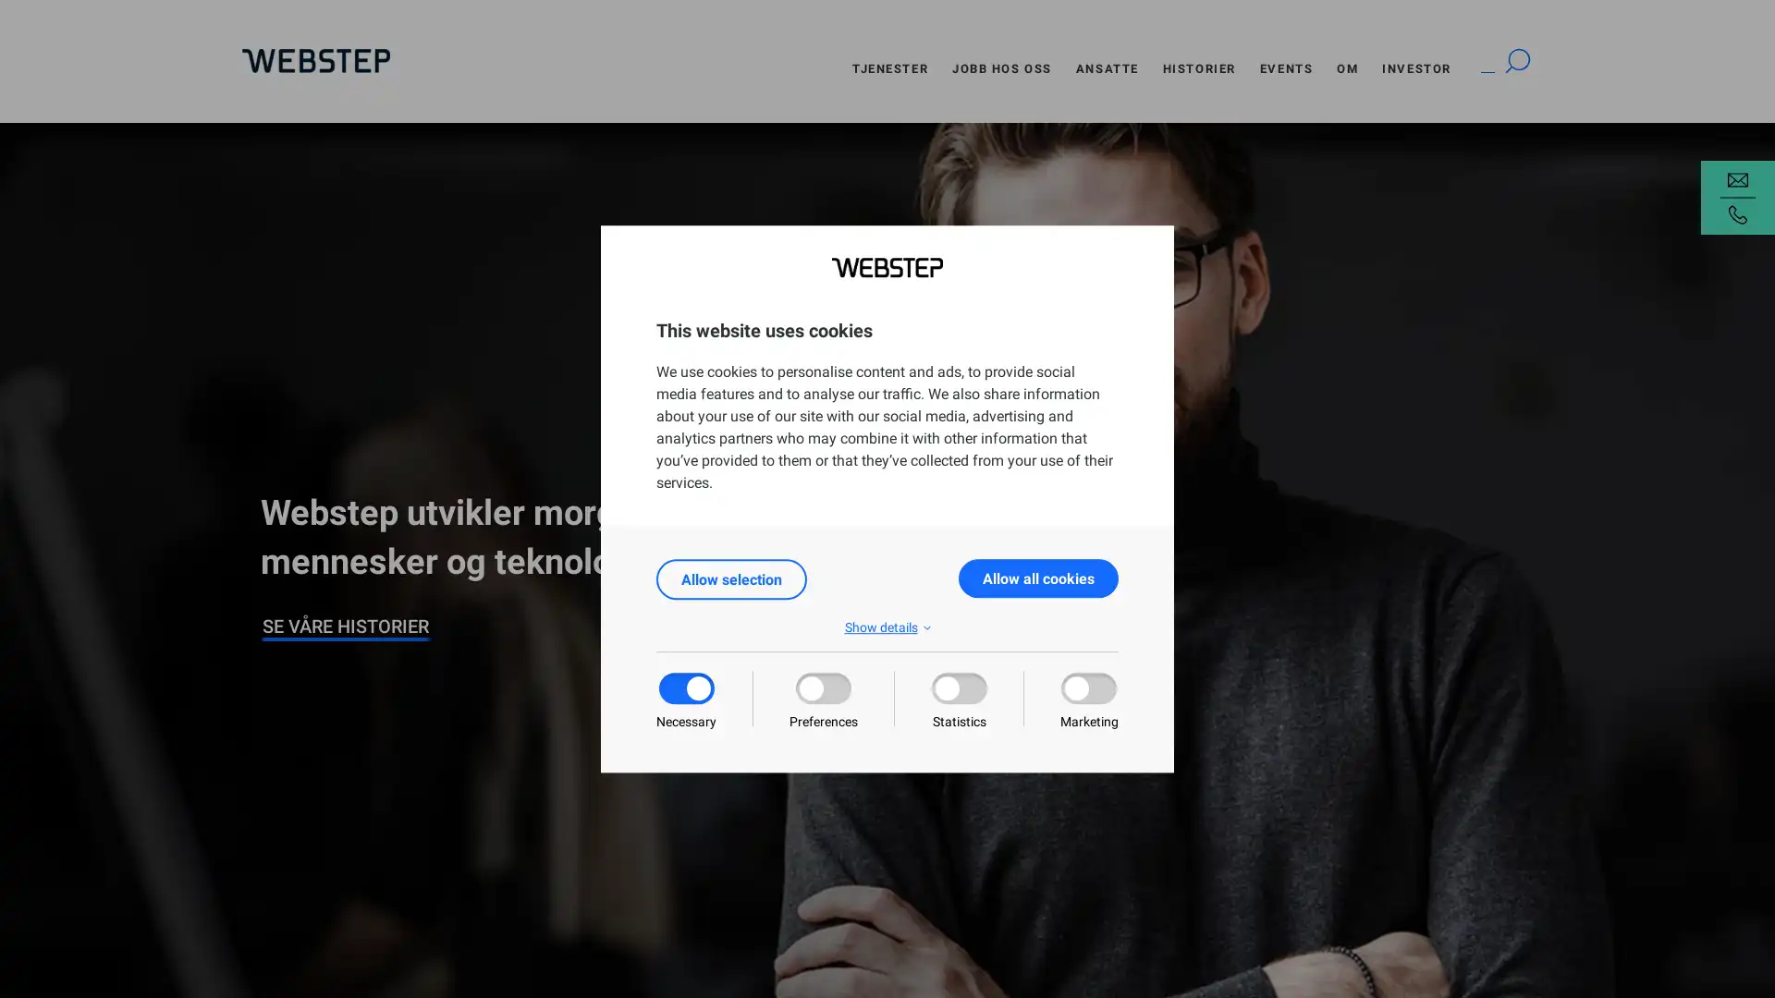  What do you see at coordinates (730, 578) in the screenshot?
I see `Allow selection` at bounding box center [730, 578].